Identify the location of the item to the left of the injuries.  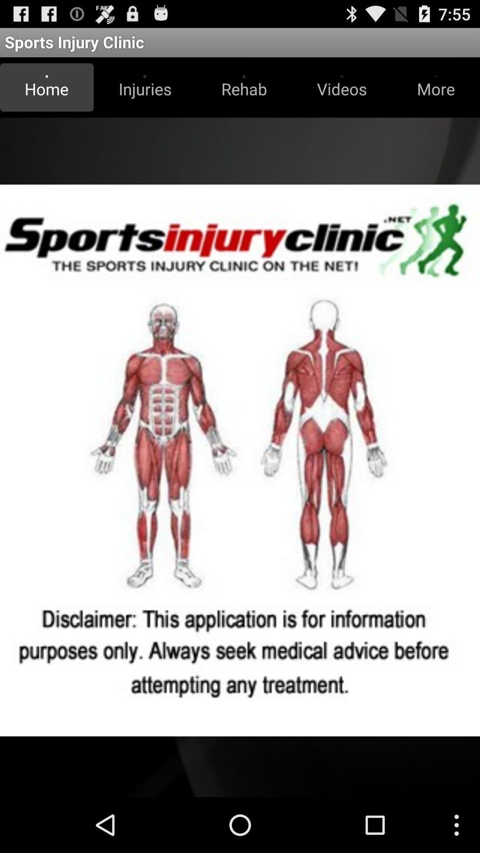
(47, 87).